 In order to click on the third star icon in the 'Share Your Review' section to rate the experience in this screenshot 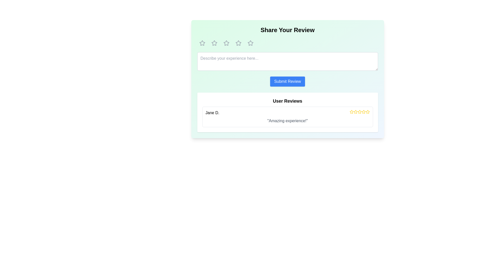, I will do `click(226, 43)`.